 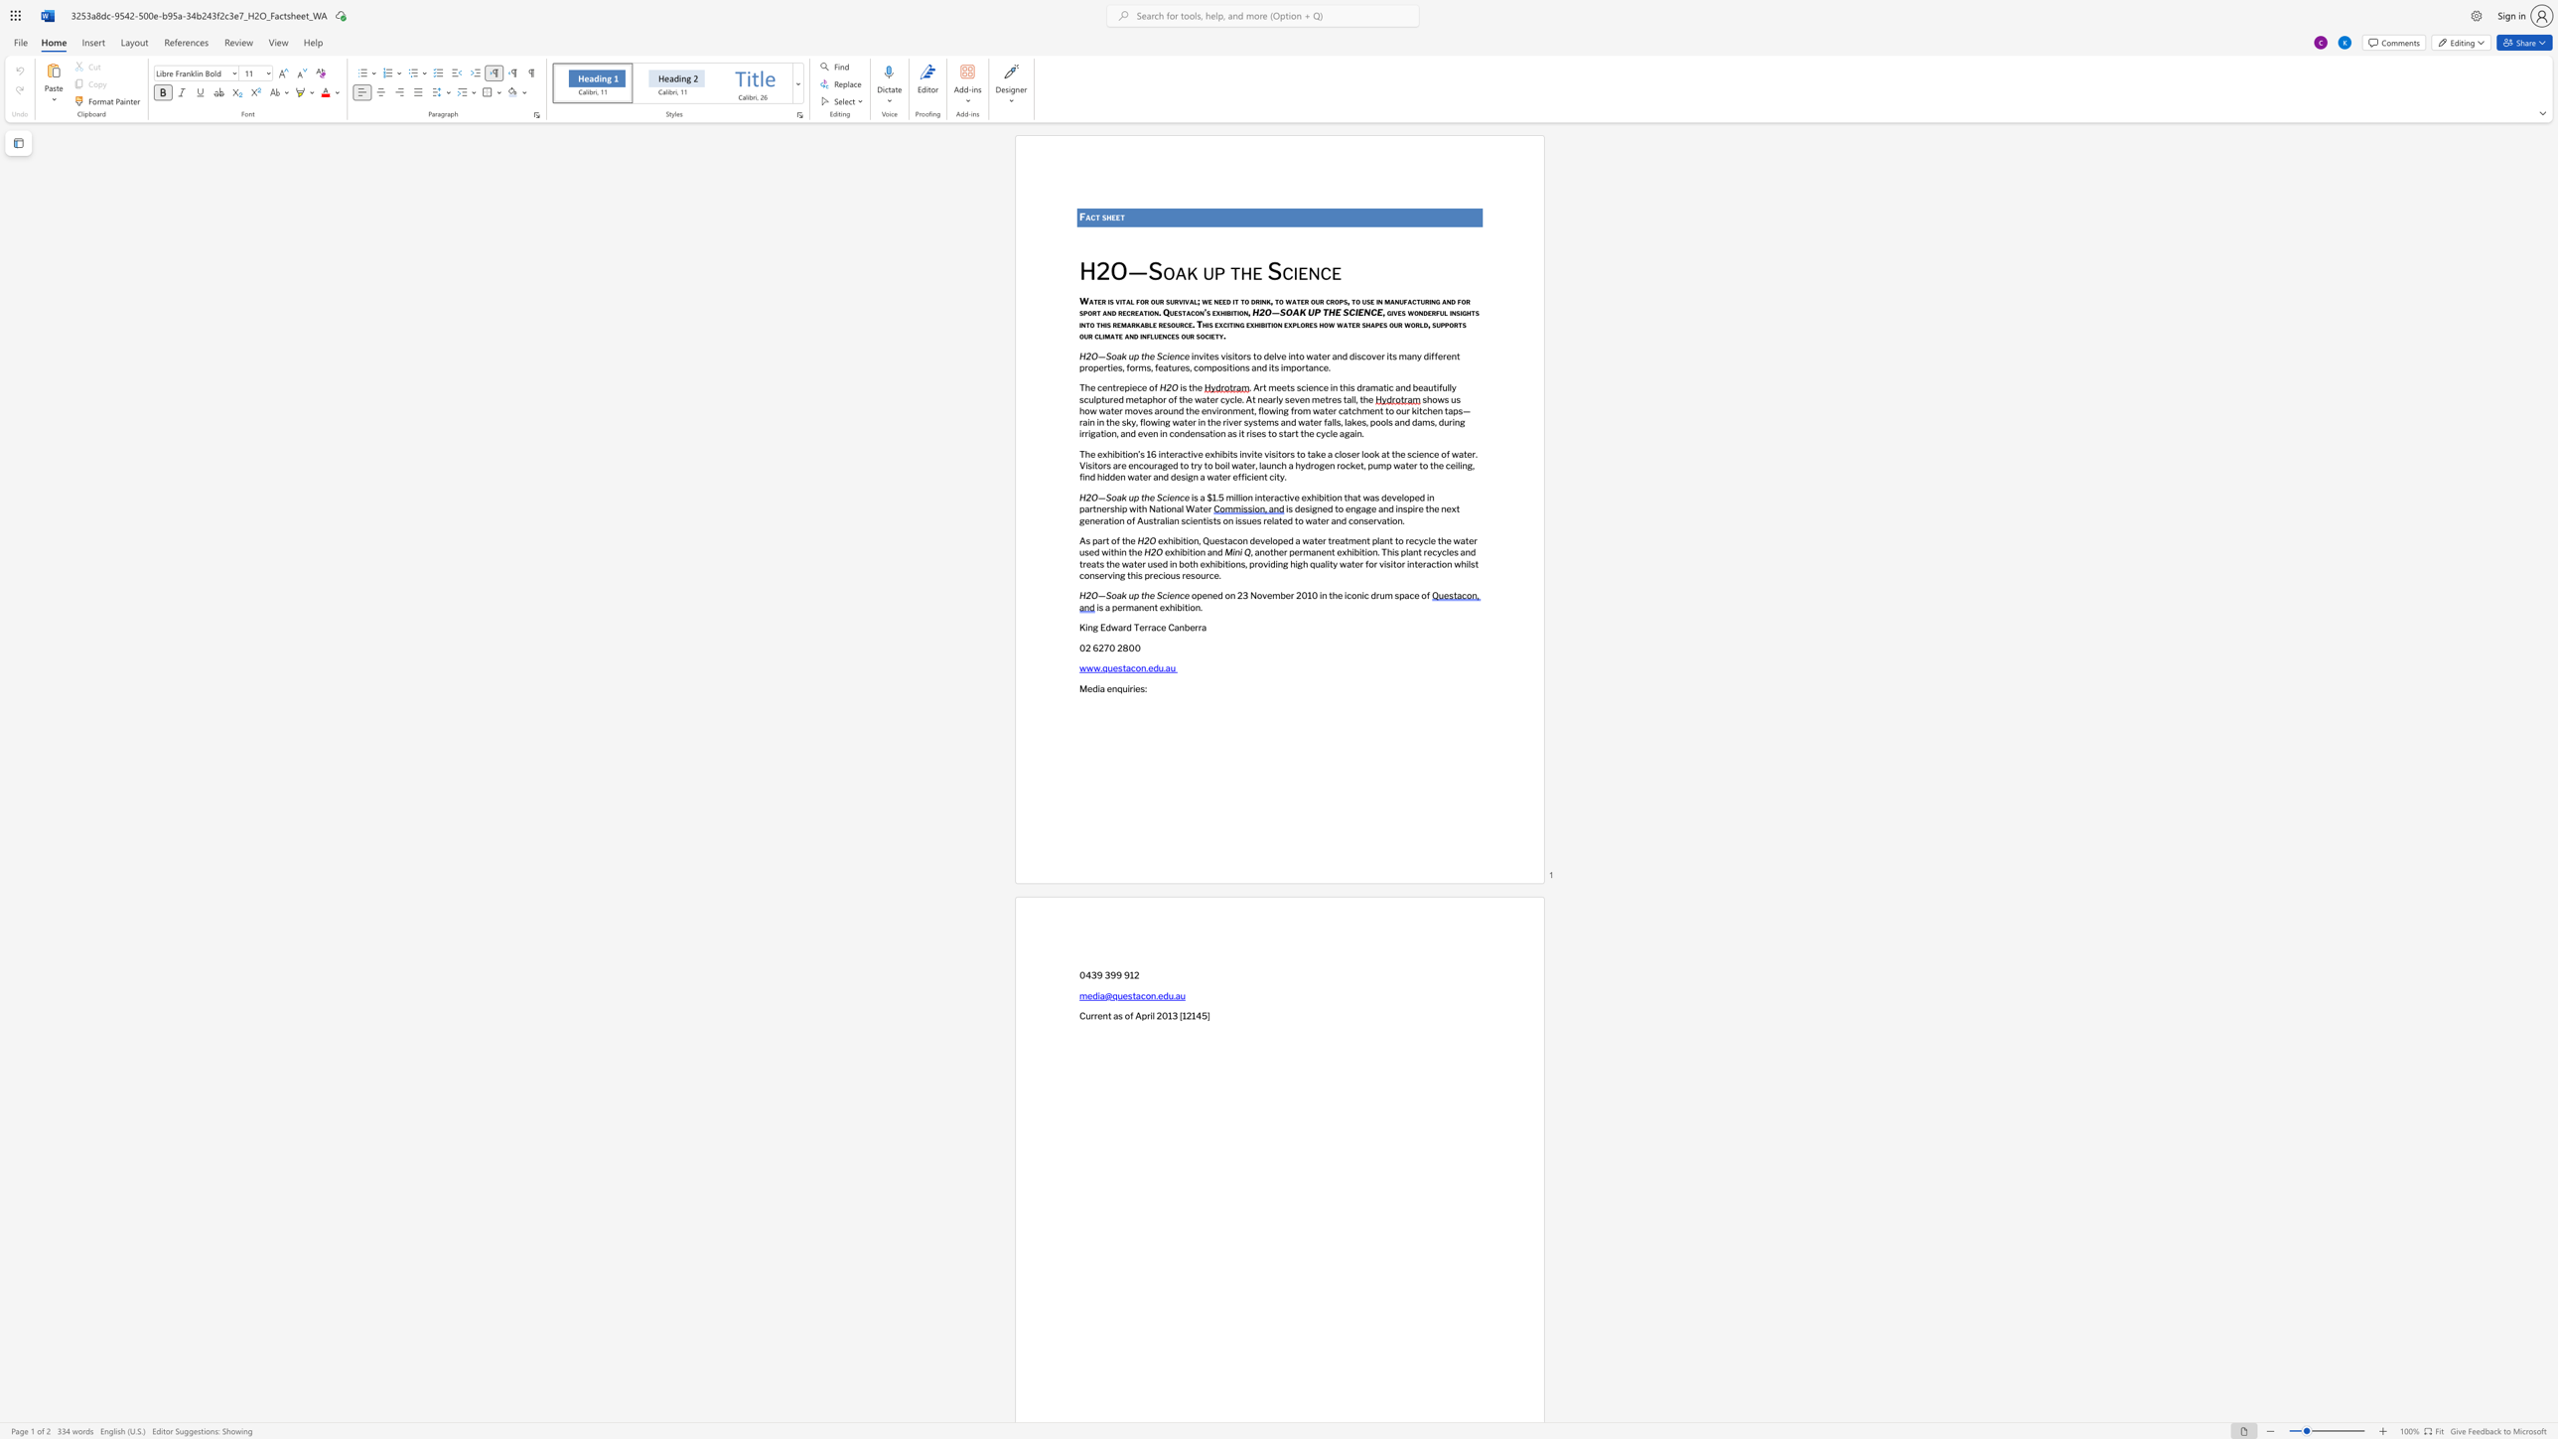 I want to click on the subset text "systems and water falls, lakes, pools and dams, during irrigation, and even in c" within the text "rain in the sky, flowing water in the river systems and water falls, lakes, pools and dams, during irrigation, and even in condensation as it rises to start the cycle again.", so click(x=1243, y=422).